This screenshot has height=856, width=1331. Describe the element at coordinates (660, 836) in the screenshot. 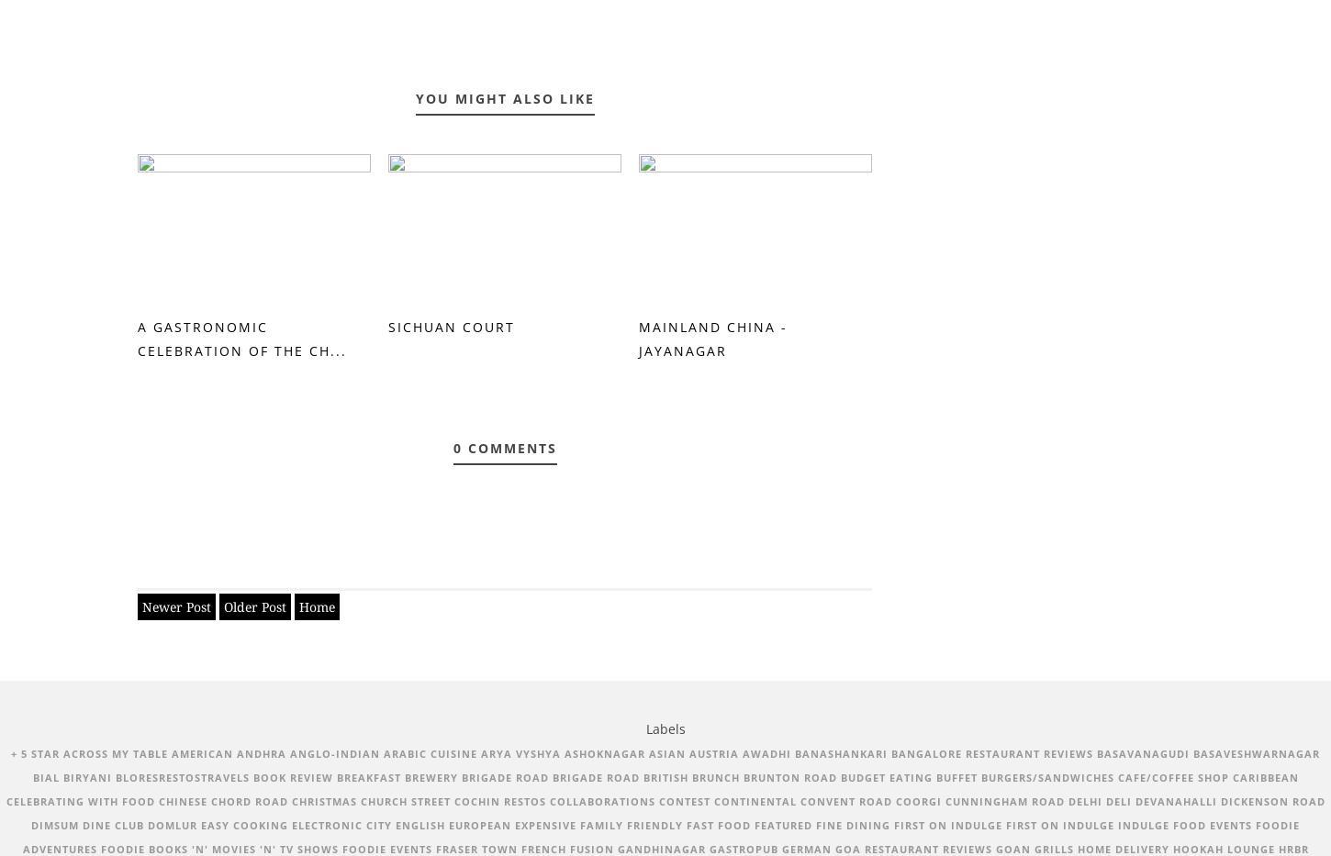

I see `'Foodie adventures'` at that location.